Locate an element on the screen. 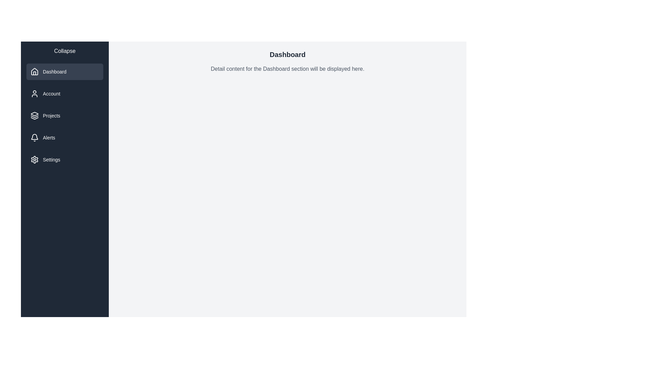 The image size is (659, 371). the menu item labeled Account to display its related content is located at coordinates (65, 94).